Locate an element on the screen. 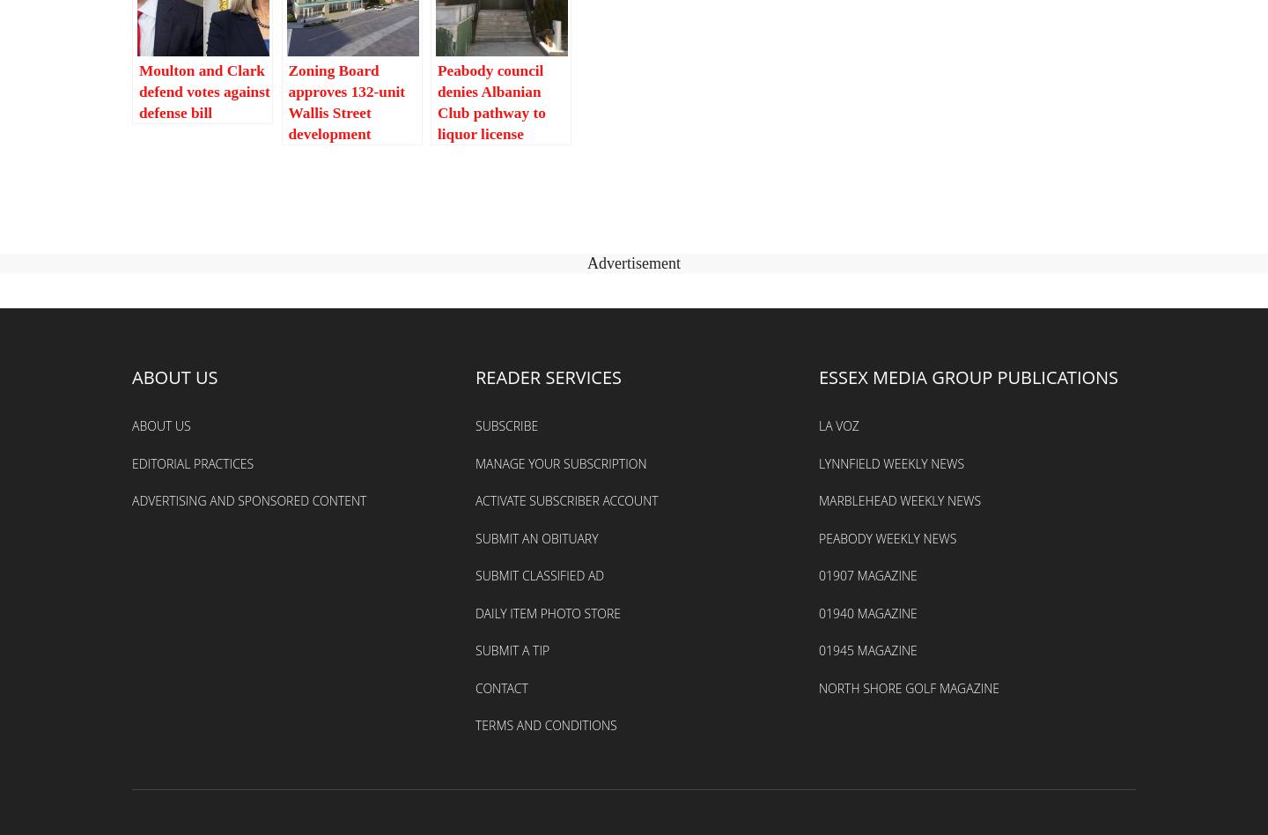  'Submit Classified Ad' is located at coordinates (539, 574).